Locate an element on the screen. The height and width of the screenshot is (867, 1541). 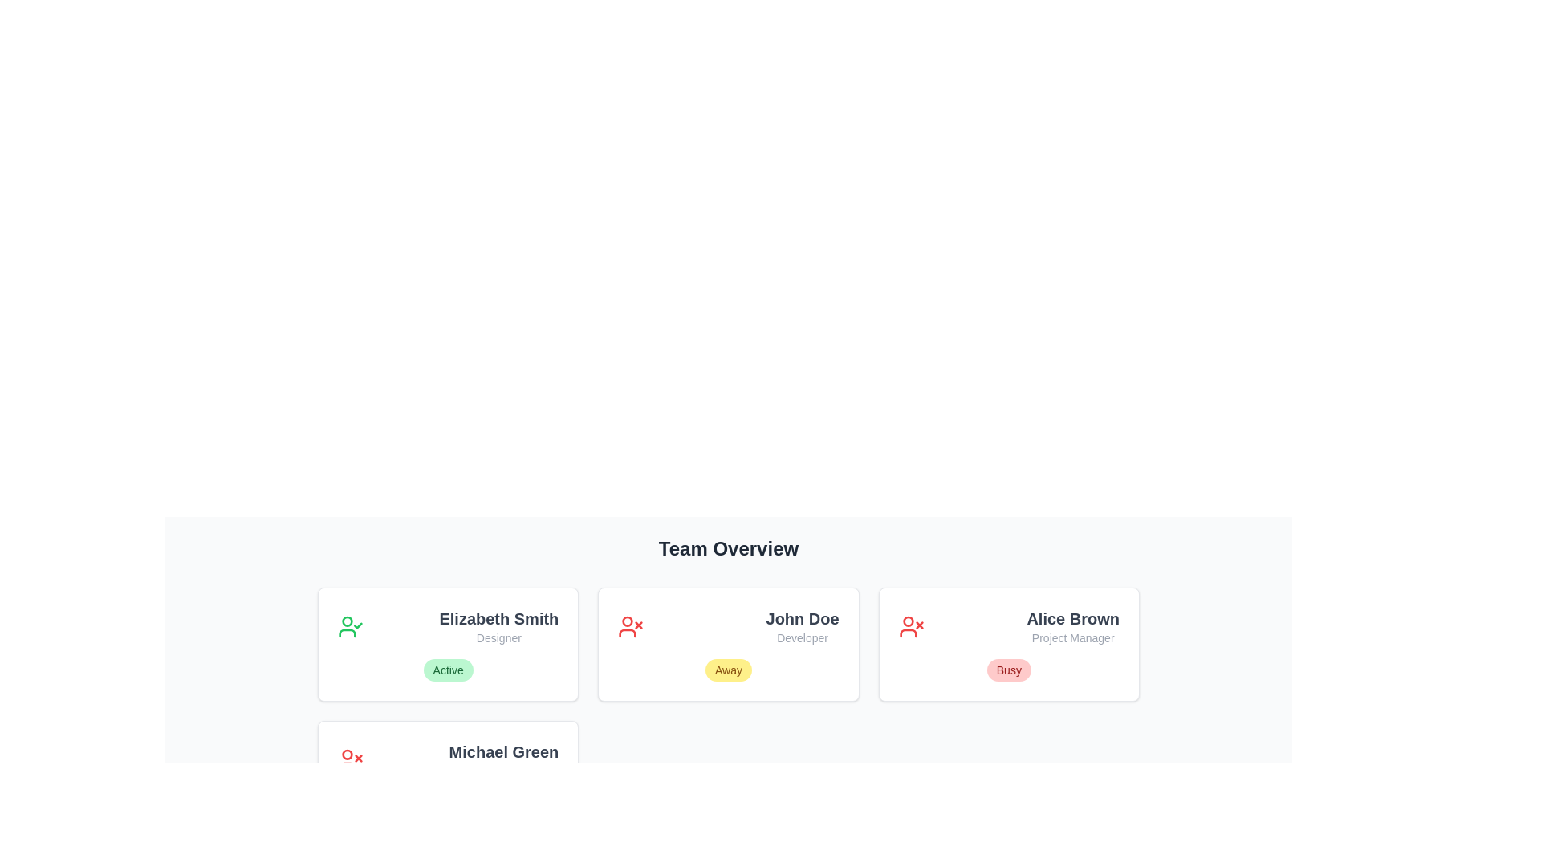
to select the team member's name displayed in the leftmost card, which is centrally aligned beneath a green icon and above an 'Active' status badge is located at coordinates (498, 625).